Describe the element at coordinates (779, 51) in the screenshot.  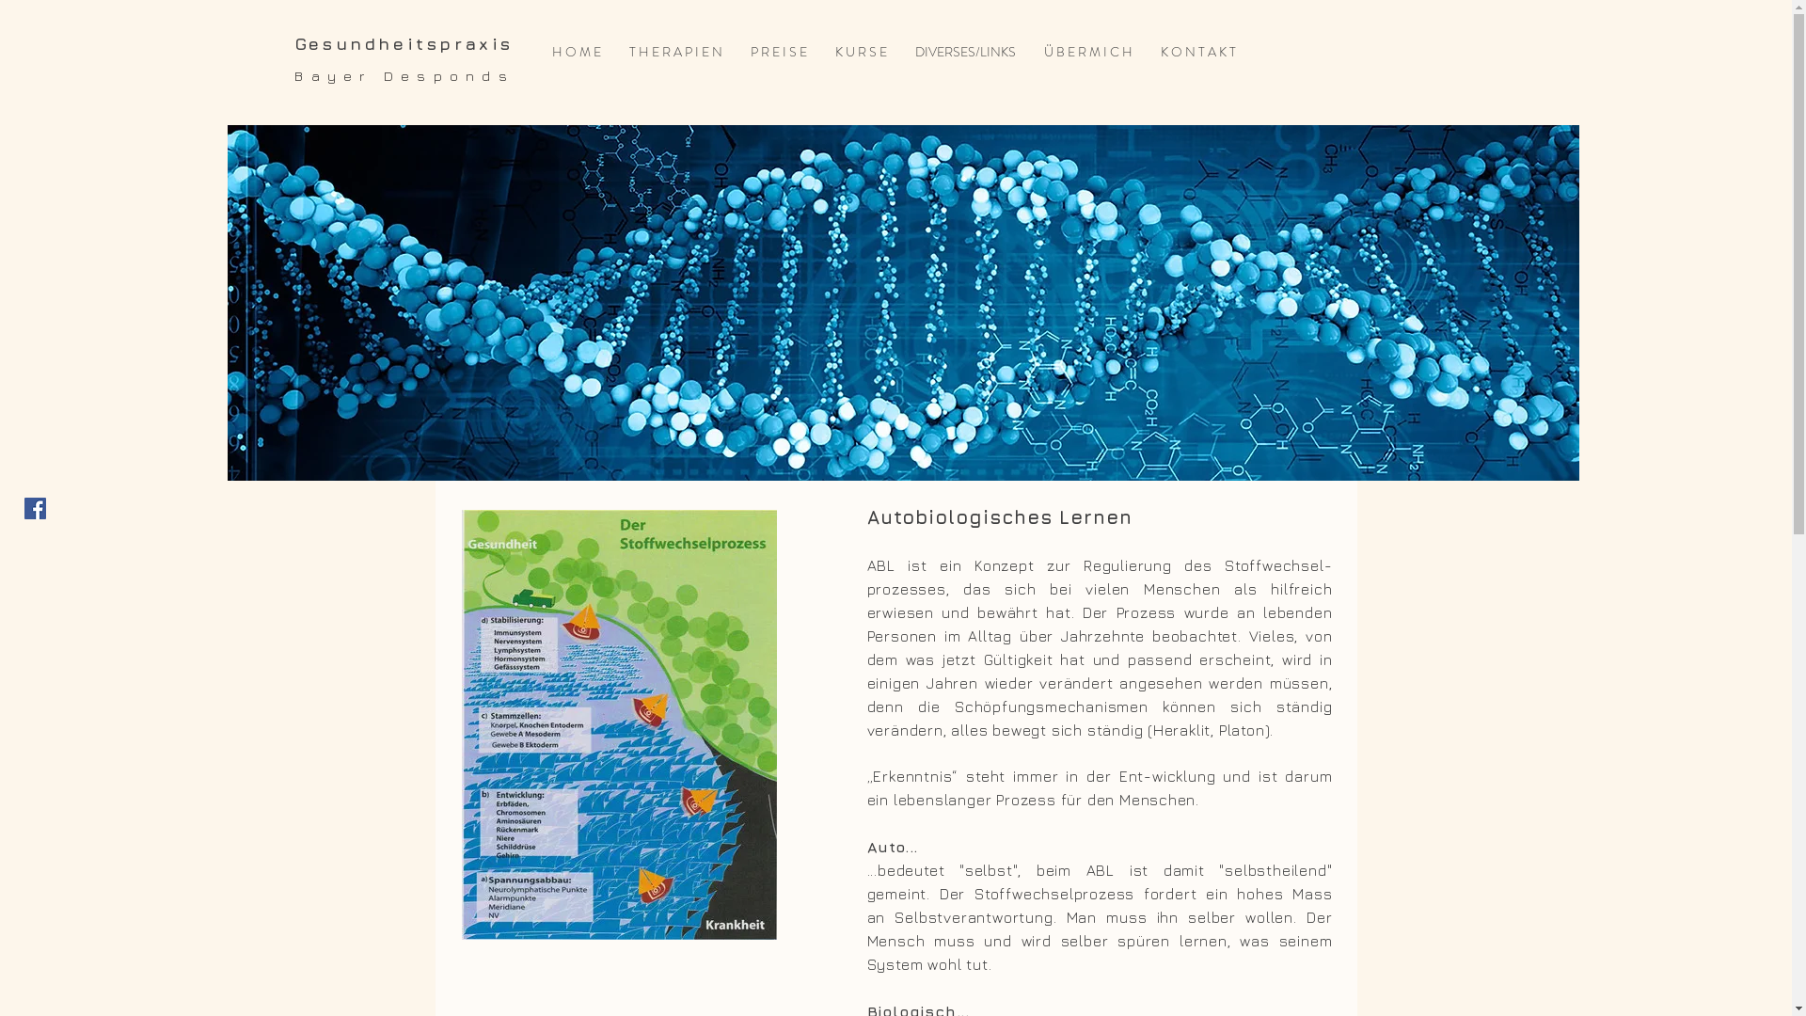
I see `'P R E I S E'` at that location.